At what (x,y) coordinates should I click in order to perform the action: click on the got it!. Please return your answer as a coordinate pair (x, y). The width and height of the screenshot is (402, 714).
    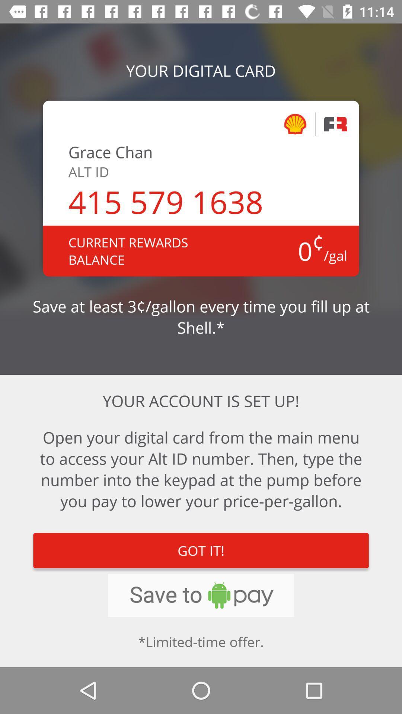
    Looking at the image, I should click on (201, 550).